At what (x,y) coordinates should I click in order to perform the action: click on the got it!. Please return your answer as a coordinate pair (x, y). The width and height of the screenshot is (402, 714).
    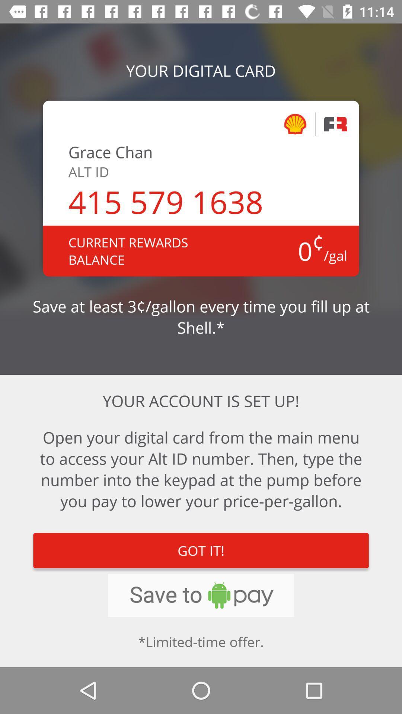
    Looking at the image, I should click on (201, 550).